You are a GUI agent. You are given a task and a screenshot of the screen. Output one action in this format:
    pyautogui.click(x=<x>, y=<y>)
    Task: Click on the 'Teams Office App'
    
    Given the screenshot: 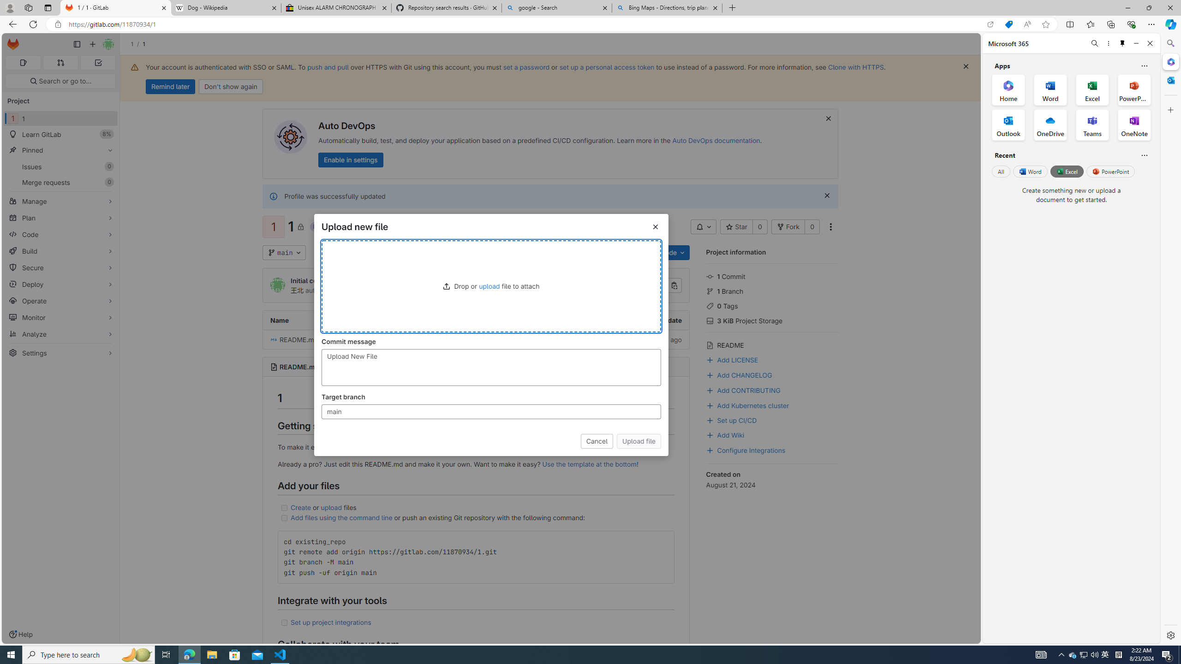 What is the action you would take?
    pyautogui.click(x=1092, y=125)
    